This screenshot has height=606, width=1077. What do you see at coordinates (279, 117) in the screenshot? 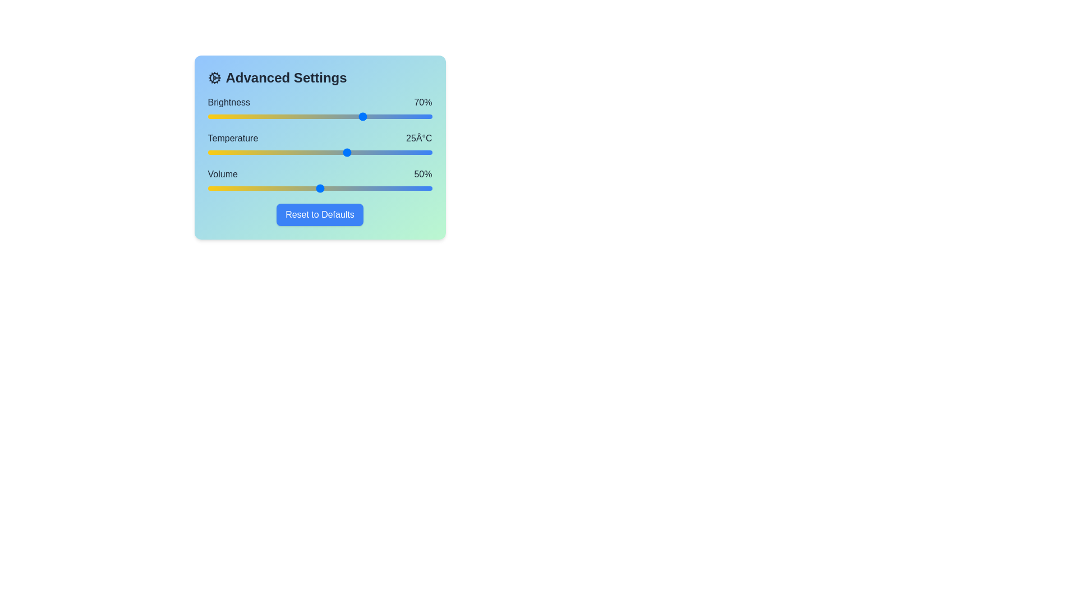
I see `the brightness slider to 32%` at bounding box center [279, 117].